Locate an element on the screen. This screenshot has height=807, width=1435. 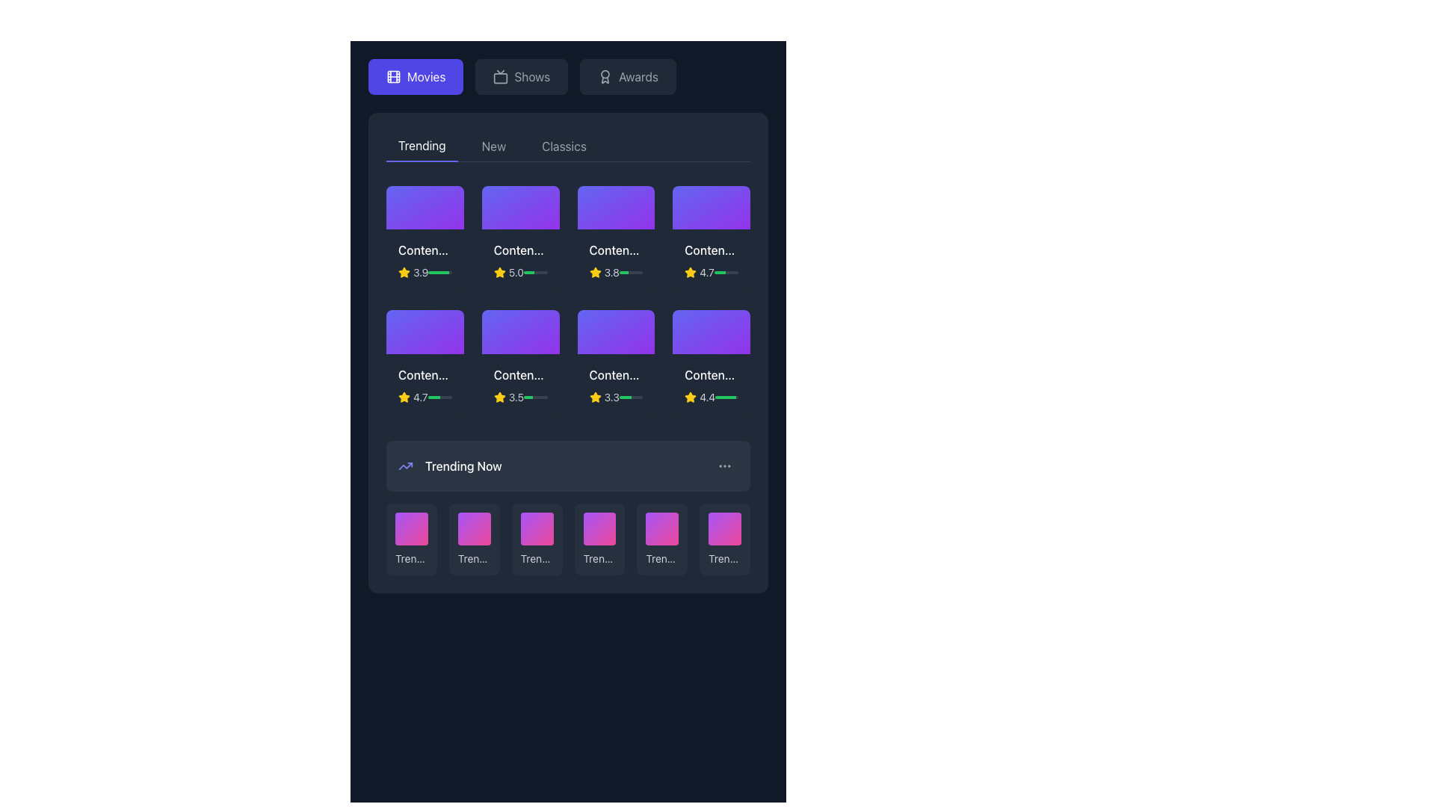
the trending movie thumbnail located in the 'Trending Now' section, specifically the fifth item from the left in the bottom carousel is located at coordinates (661, 527).